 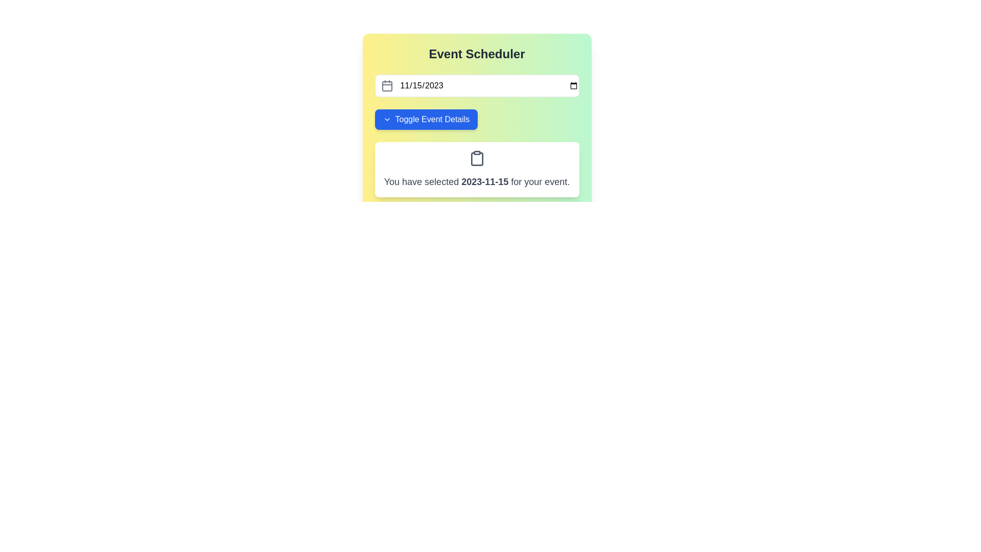 I want to click on the date picker icon, so click(x=386, y=85).